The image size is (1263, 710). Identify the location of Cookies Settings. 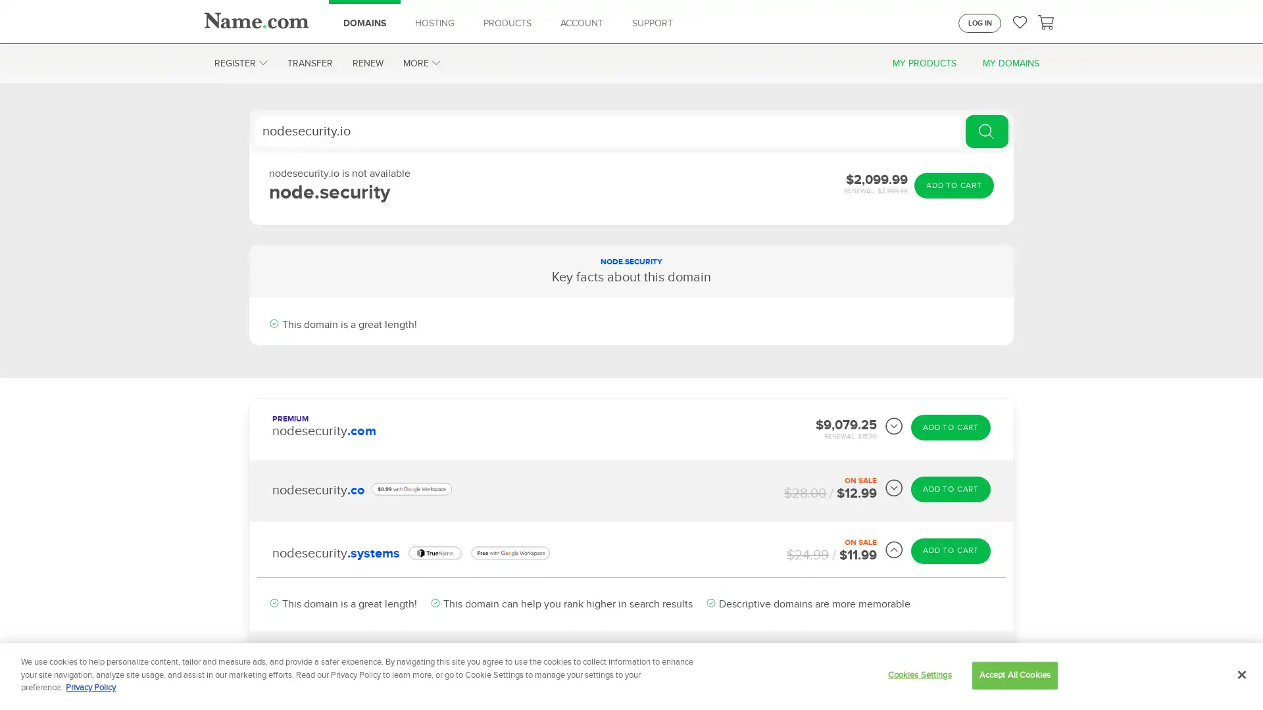
(918, 674).